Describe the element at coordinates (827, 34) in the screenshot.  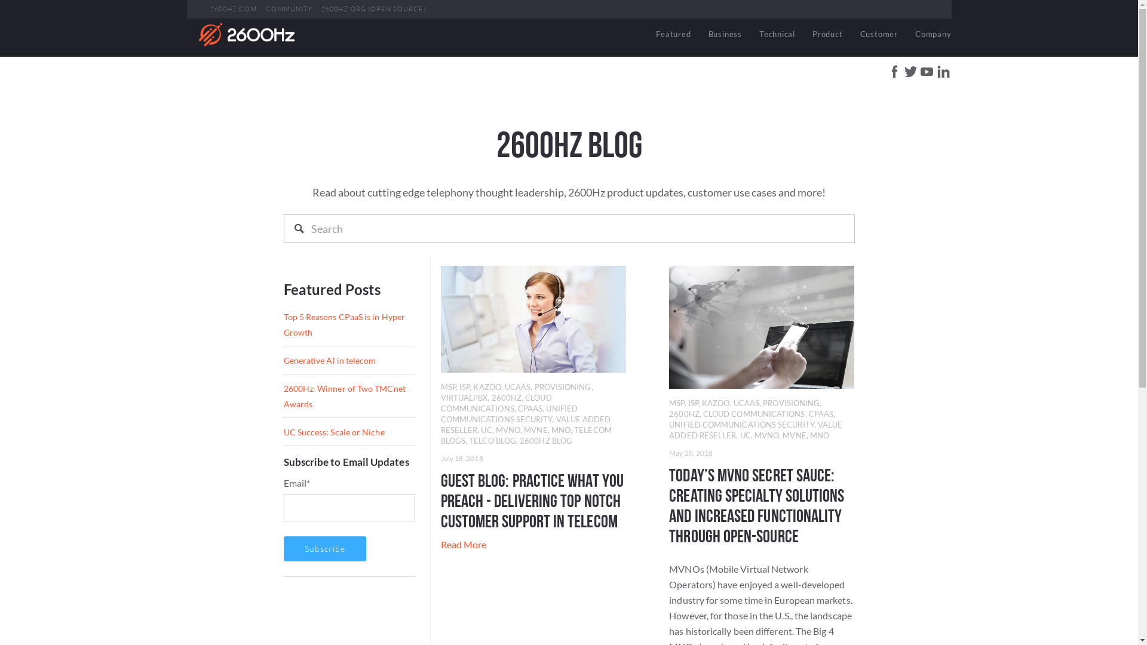
I see `'Product'` at that location.